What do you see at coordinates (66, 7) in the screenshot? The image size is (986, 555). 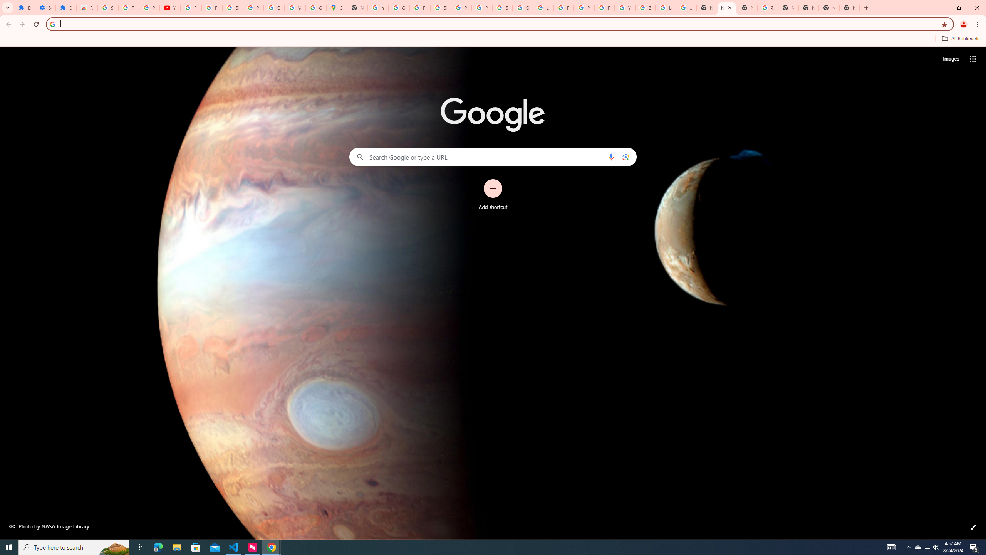 I see `'Extensions'` at bounding box center [66, 7].